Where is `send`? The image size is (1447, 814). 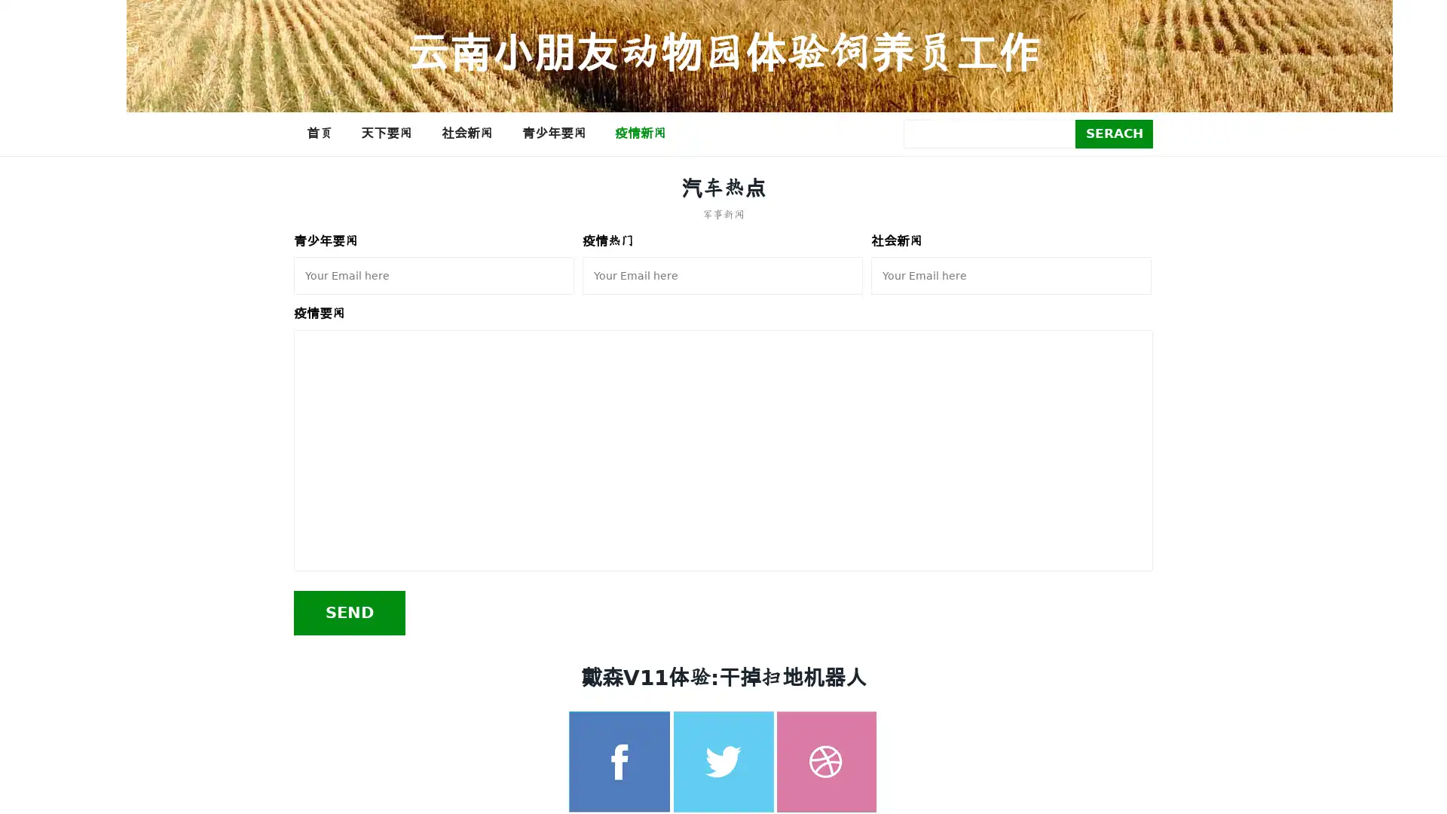
send is located at coordinates (349, 612).